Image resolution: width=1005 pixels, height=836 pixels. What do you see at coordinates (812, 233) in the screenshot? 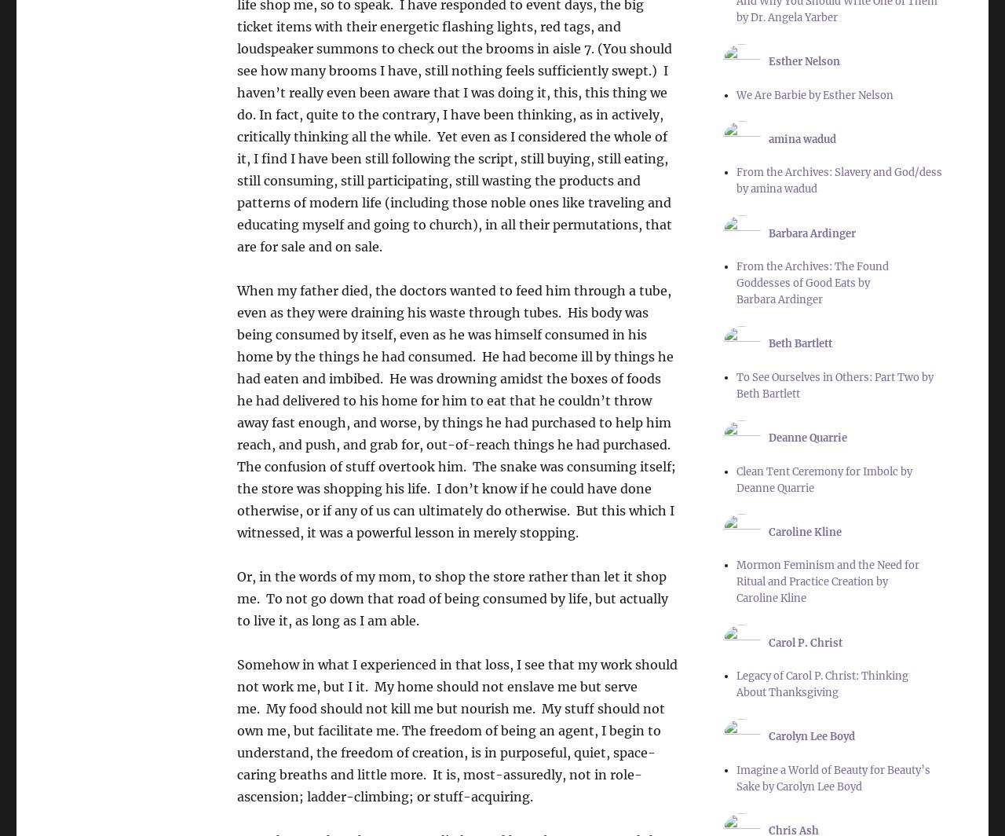
I see `'Barbara Ardinger'` at bounding box center [812, 233].